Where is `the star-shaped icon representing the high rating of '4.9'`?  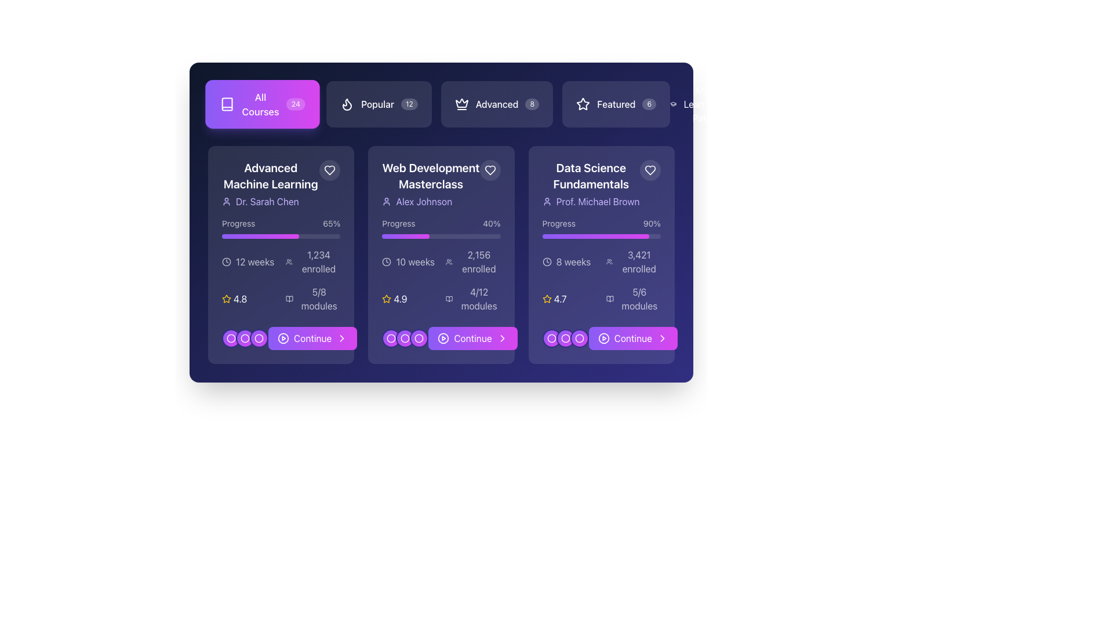
the star-shaped icon representing the high rating of '4.9' is located at coordinates (387, 299).